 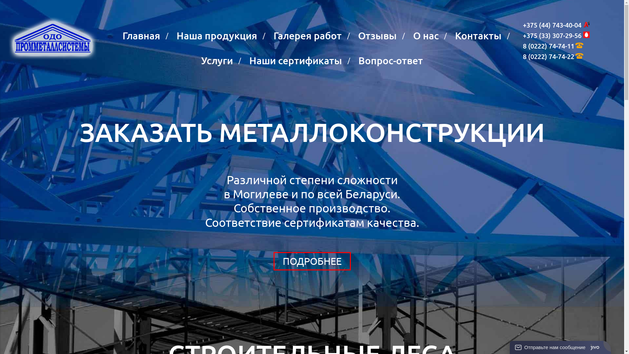 What do you see at coordinates (523, 25) in the screenshot?
I see `'+375 (44) 743-40-04'` at bounding box center [523, 25].